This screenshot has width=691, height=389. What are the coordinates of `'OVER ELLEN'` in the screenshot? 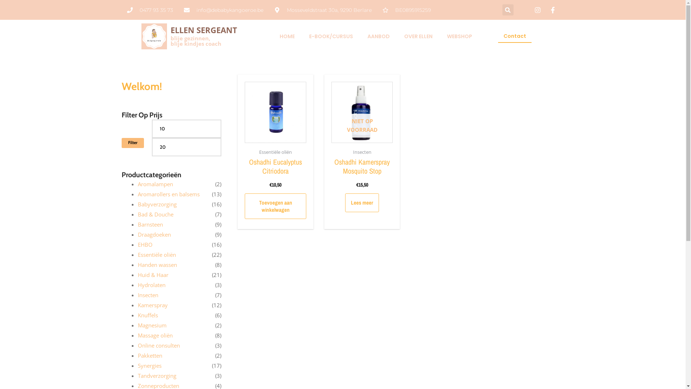 It's located at (418, 36).